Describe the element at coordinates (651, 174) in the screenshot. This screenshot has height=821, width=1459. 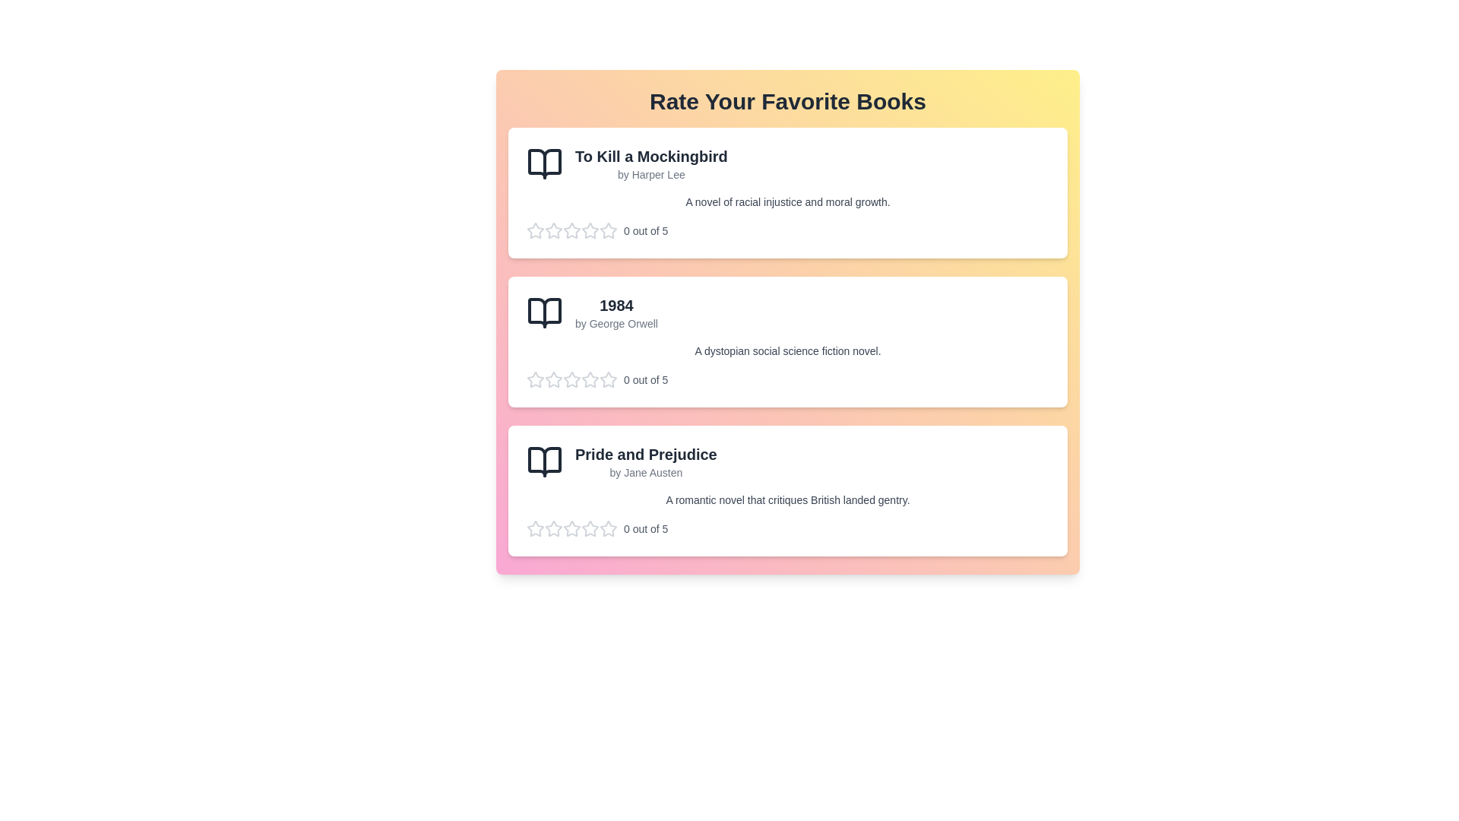
I see `the text label displaying the author information 'by Harper Lee' in a small, gray font, which is positioned beneath the book title 'To Kill a Mockingbird' in the uppermost card of a vertical list` at that location.